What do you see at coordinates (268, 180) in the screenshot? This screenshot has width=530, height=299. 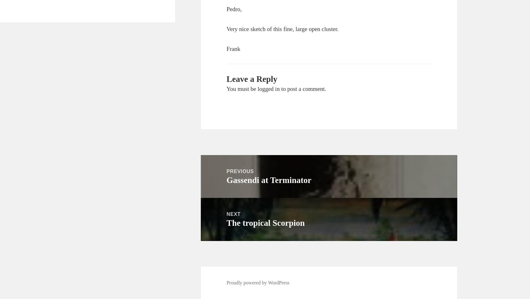 I see `'Gassendi at Terminator'` at bounding box center [268, 180].